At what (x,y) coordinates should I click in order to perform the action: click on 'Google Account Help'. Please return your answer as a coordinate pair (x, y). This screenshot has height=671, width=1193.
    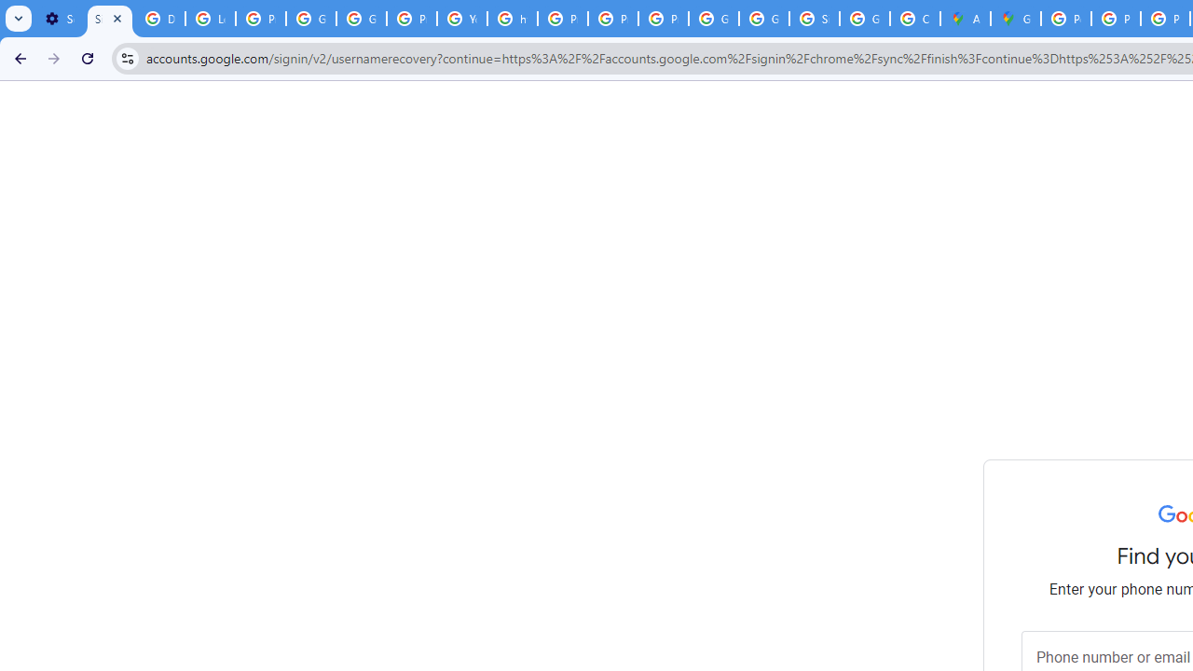
    Looking at the image, I should click on (311, 19).